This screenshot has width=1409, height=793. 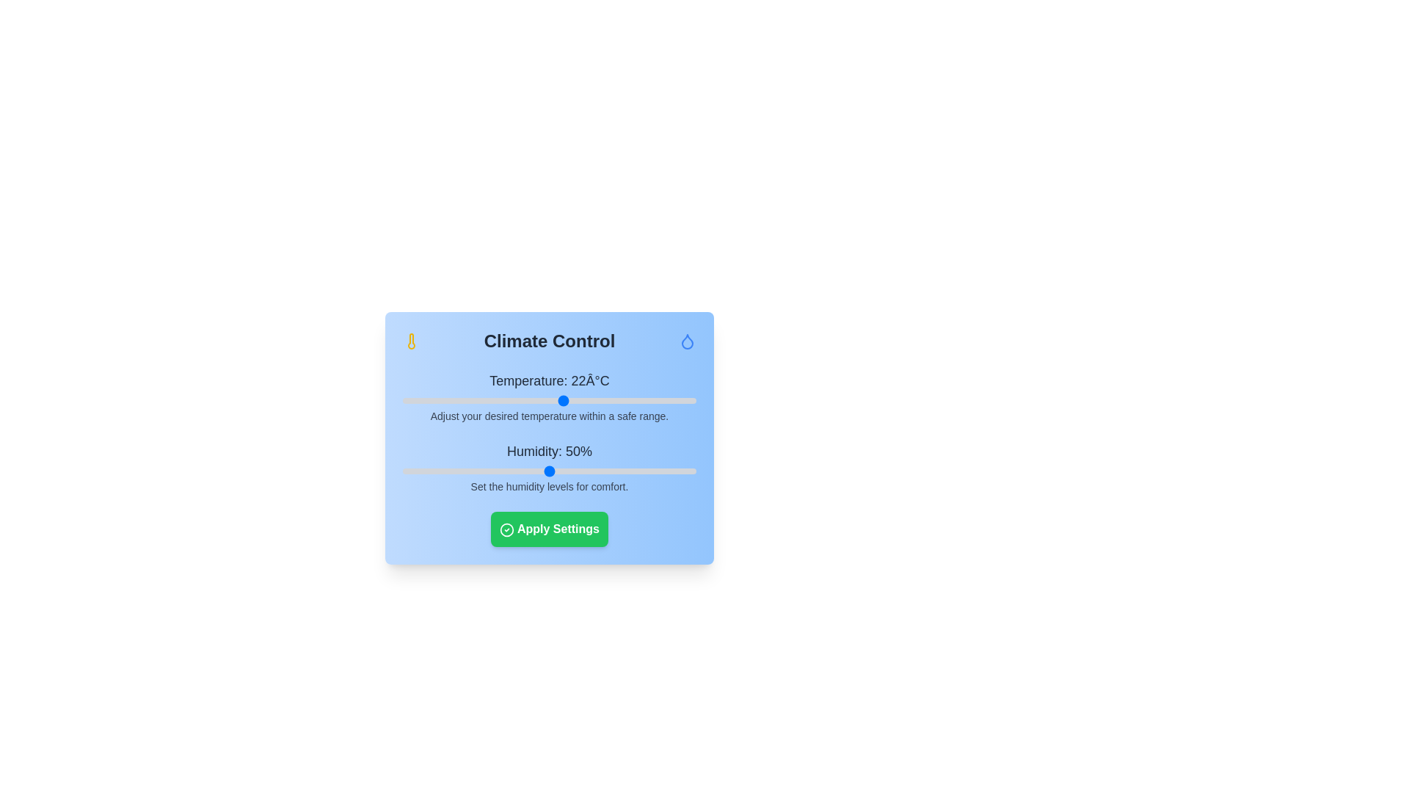 What do you see at coordinates (507, 529) in the screenshot?
I see `the SVG Circle element, which is a circular outline within the 'Apply Settings' button at the bottom of the Climate Control widget` at bounding box center [507, 529].